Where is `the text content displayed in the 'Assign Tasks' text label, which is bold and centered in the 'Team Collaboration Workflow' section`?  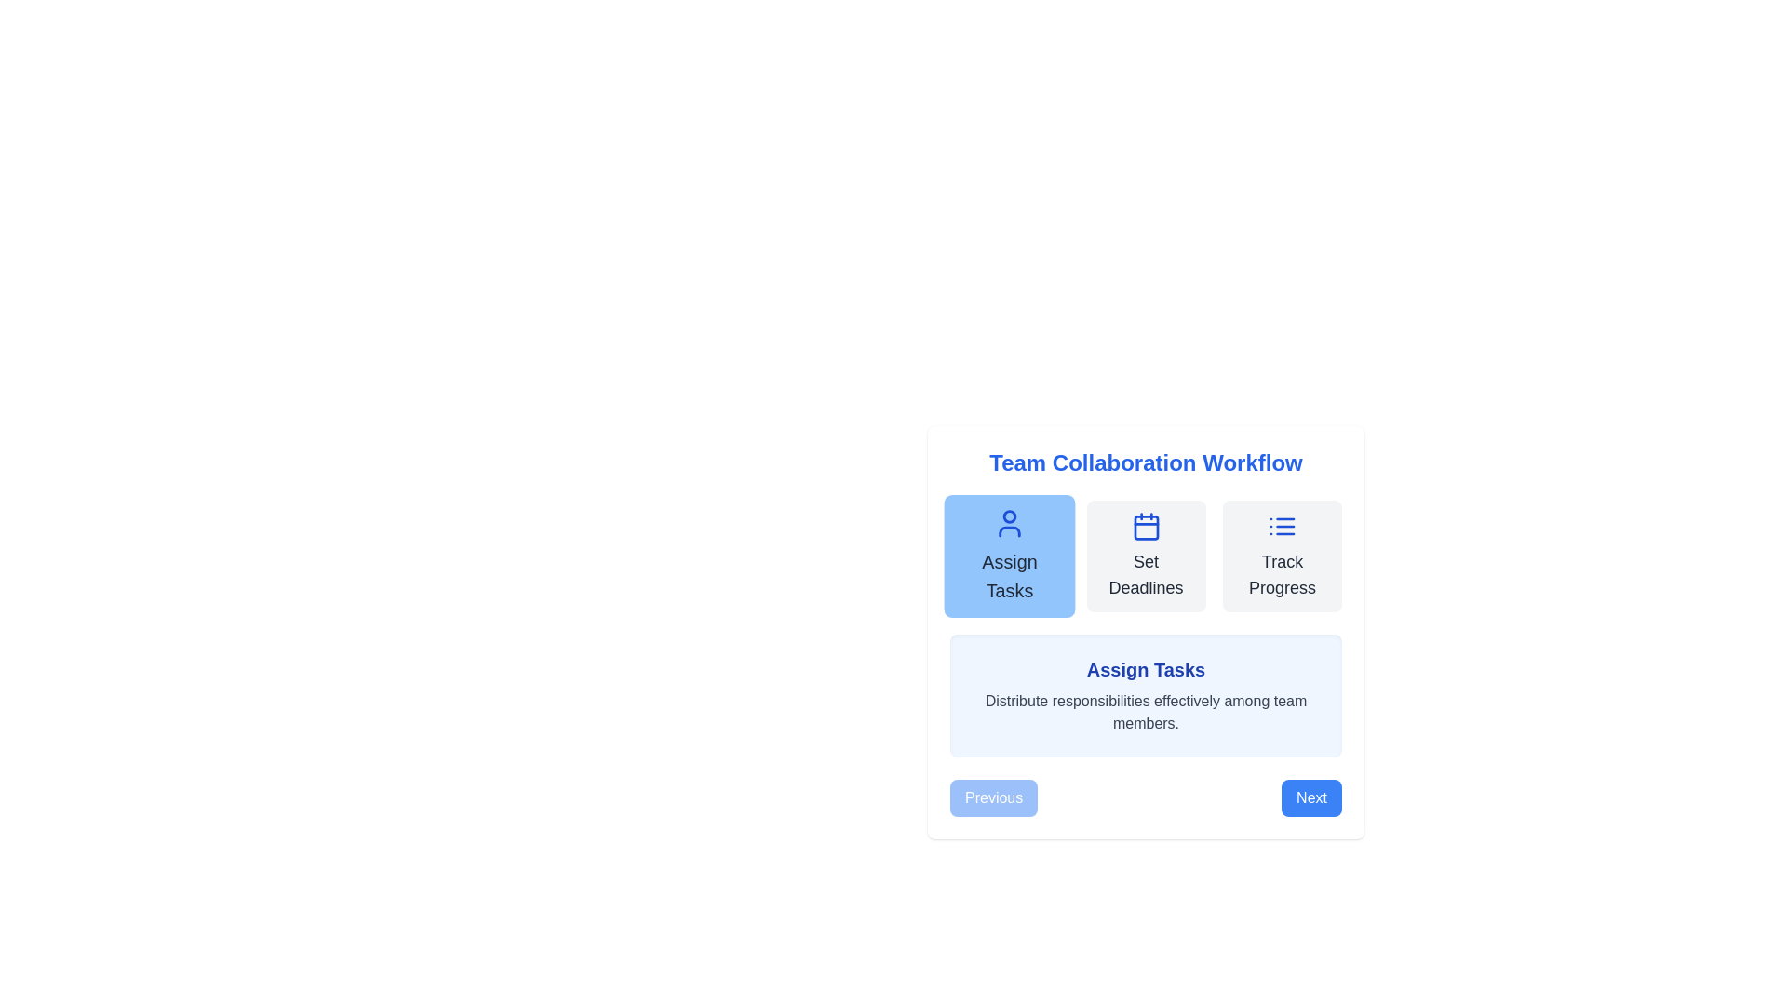
the text content displayed in the 'Assign Tasks' text label, which is bold and centered in the 'Team Collaboration Workflow' section is located at coordinates (1008, 576).